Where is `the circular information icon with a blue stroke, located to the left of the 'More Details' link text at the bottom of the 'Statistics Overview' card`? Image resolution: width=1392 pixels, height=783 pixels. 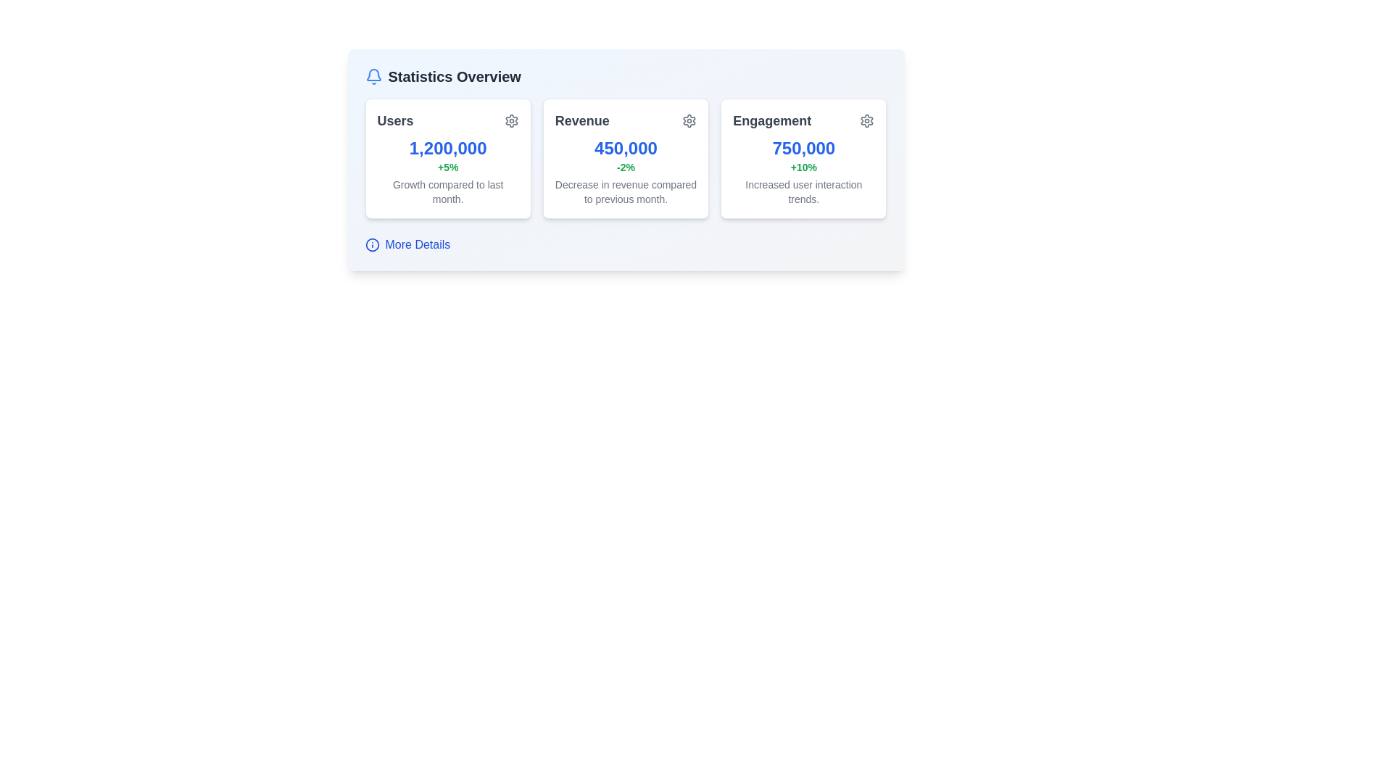 the circular information icon with a blue stroke, located to the left of the 'More Details' link text at the bottom of the 'Statistics Overview' card is located at coordinates (372, 244).